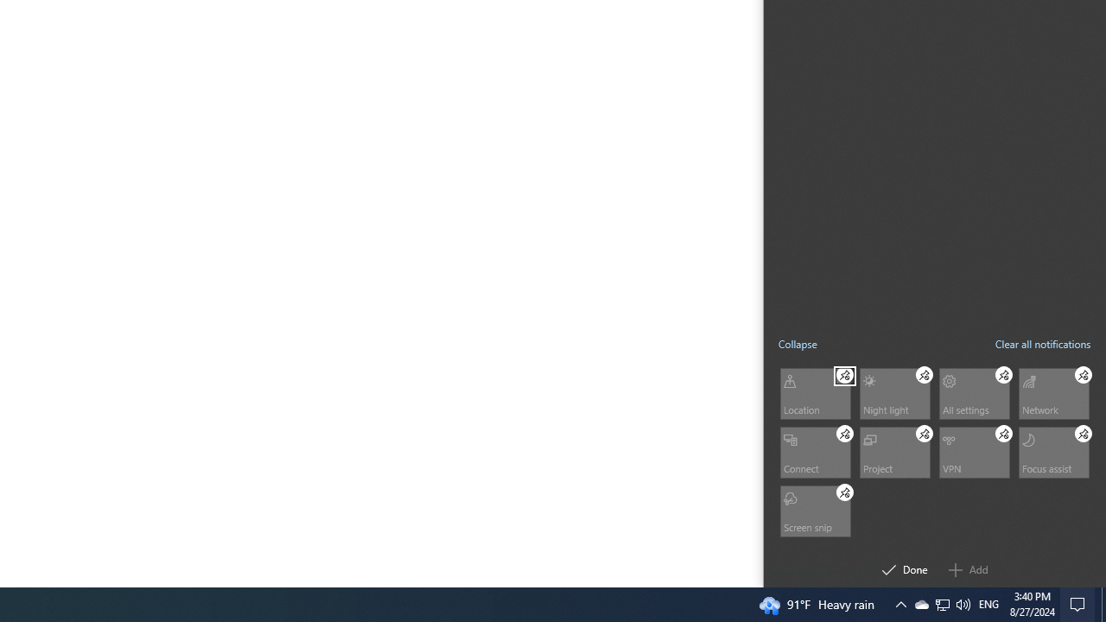  Describe the element at coordinates (893, 393) in the screenshot. I see `'Night light'` at that location.